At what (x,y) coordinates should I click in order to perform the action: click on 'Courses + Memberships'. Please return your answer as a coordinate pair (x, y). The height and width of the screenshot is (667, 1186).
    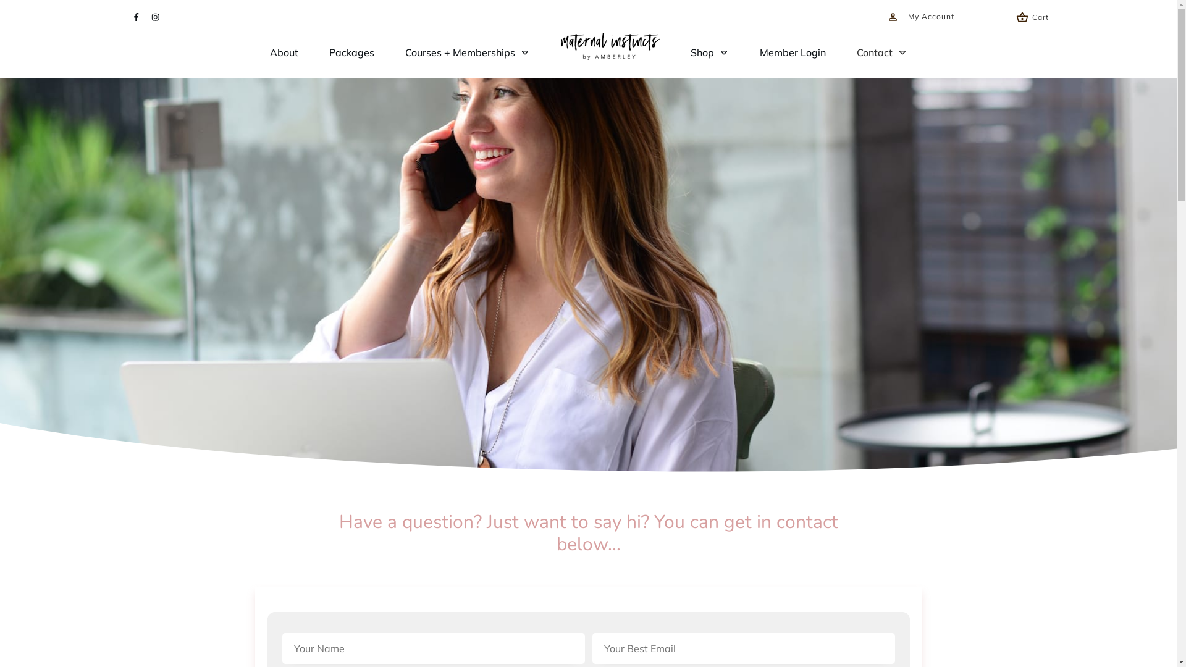
    Looking at the image, I should click on (467, 51).